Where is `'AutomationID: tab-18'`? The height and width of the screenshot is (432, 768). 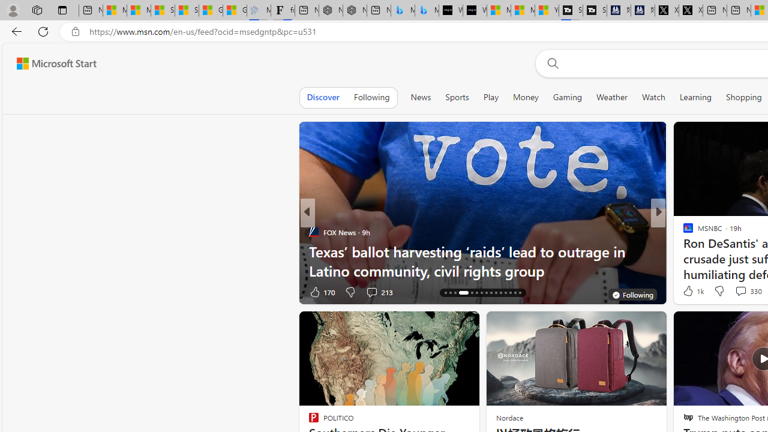
'AutomationID: tab-18' is located at coordinates (454, 293).